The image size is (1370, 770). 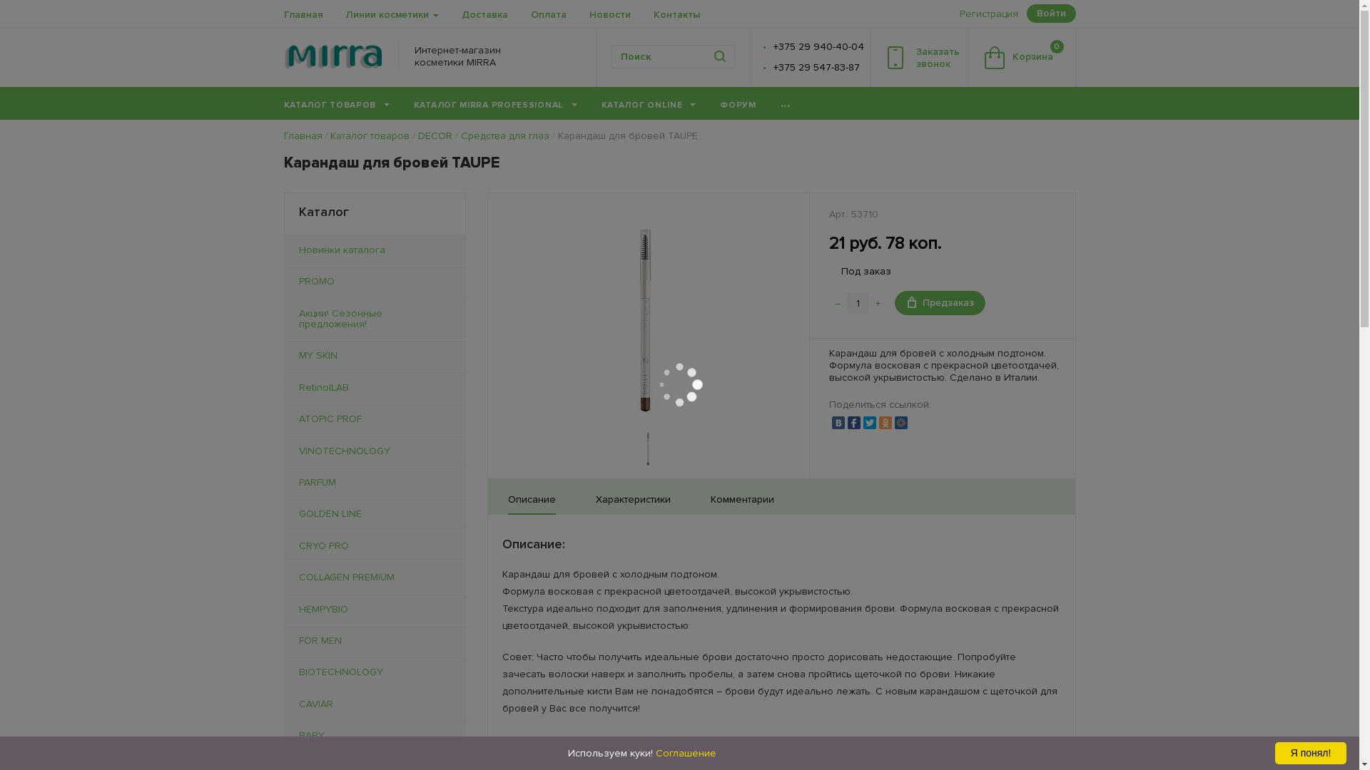 I want to click on 'BIOTECHNOLOGY', so click(x=284, y=672).